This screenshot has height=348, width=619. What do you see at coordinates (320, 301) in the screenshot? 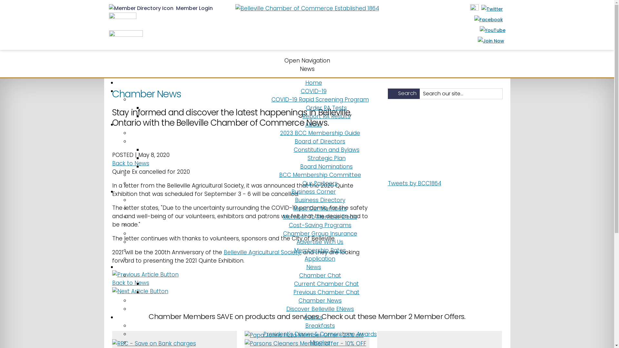
I see `'Chamber News'` at bounding box center [320, 301].